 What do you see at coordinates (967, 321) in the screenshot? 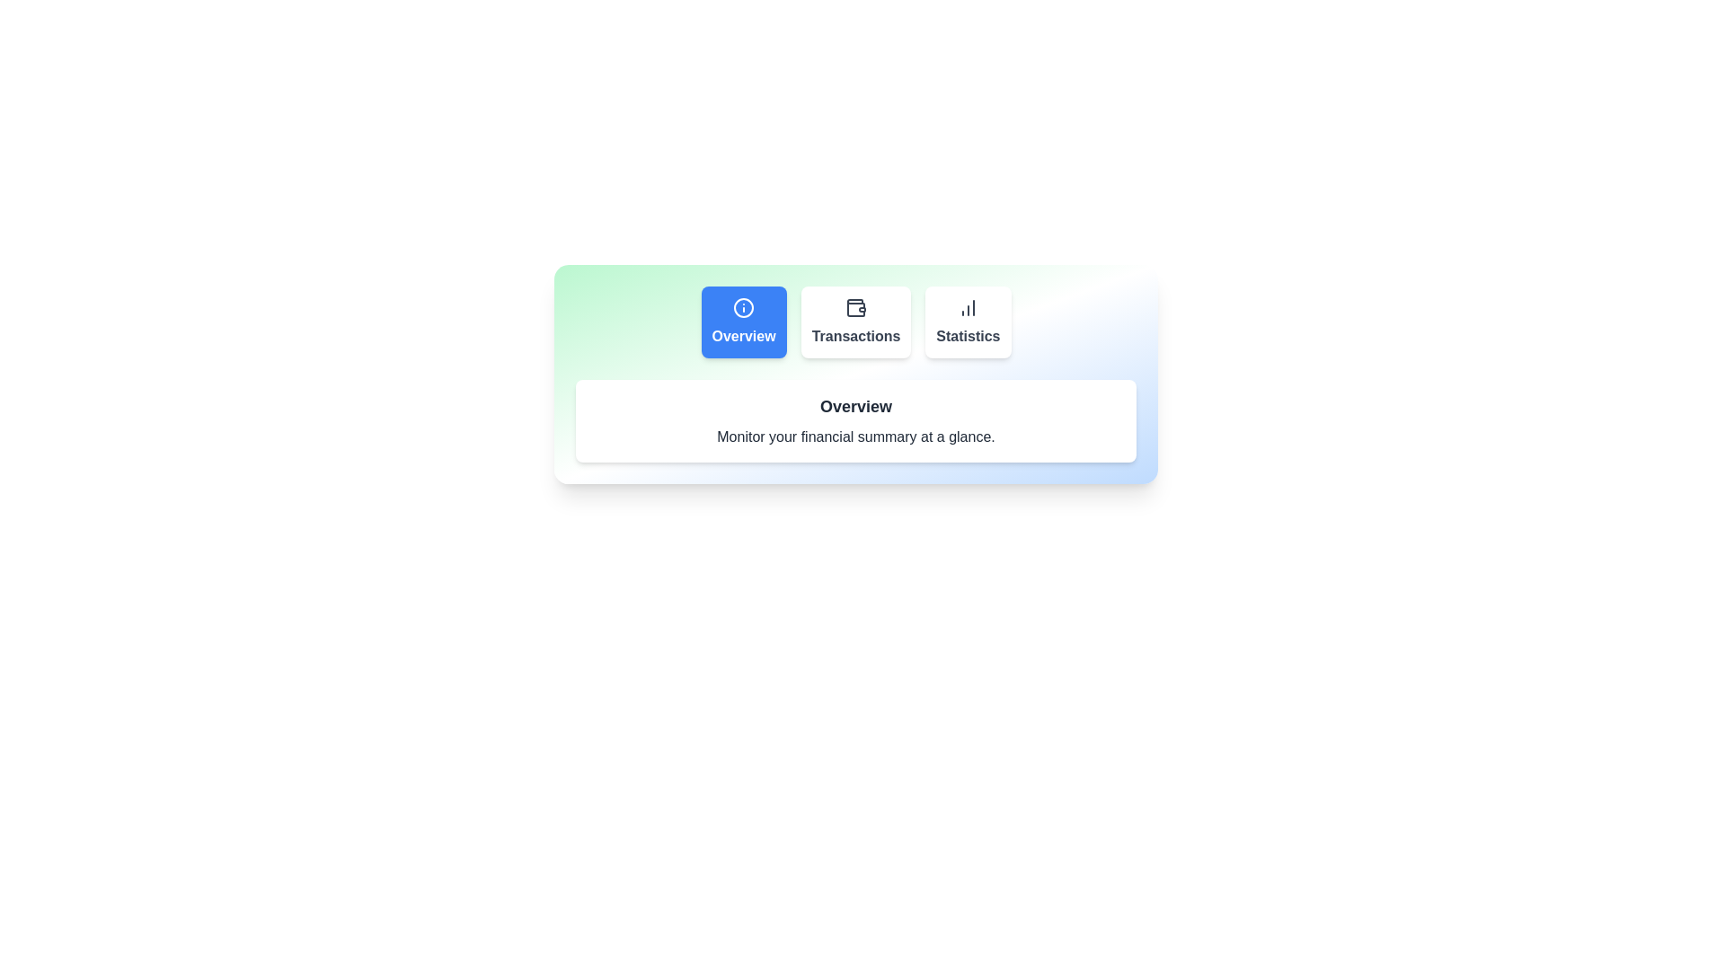
I see `the tab labeled Statistics to observe its hover effect` at bounding box center [967, 321].